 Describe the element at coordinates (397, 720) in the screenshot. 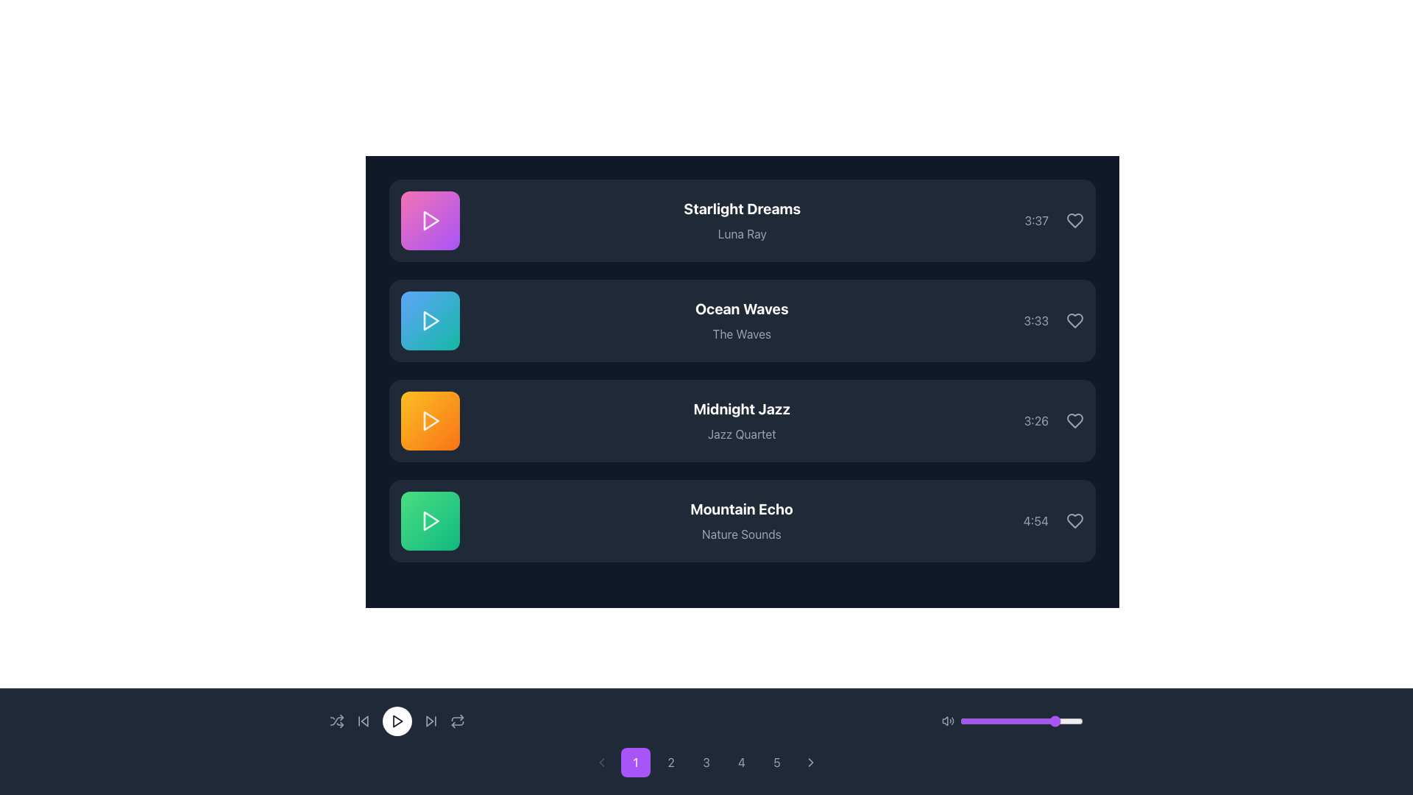

I see `the central portion of the 'Play' button icon located within the playback control bar` at that location.